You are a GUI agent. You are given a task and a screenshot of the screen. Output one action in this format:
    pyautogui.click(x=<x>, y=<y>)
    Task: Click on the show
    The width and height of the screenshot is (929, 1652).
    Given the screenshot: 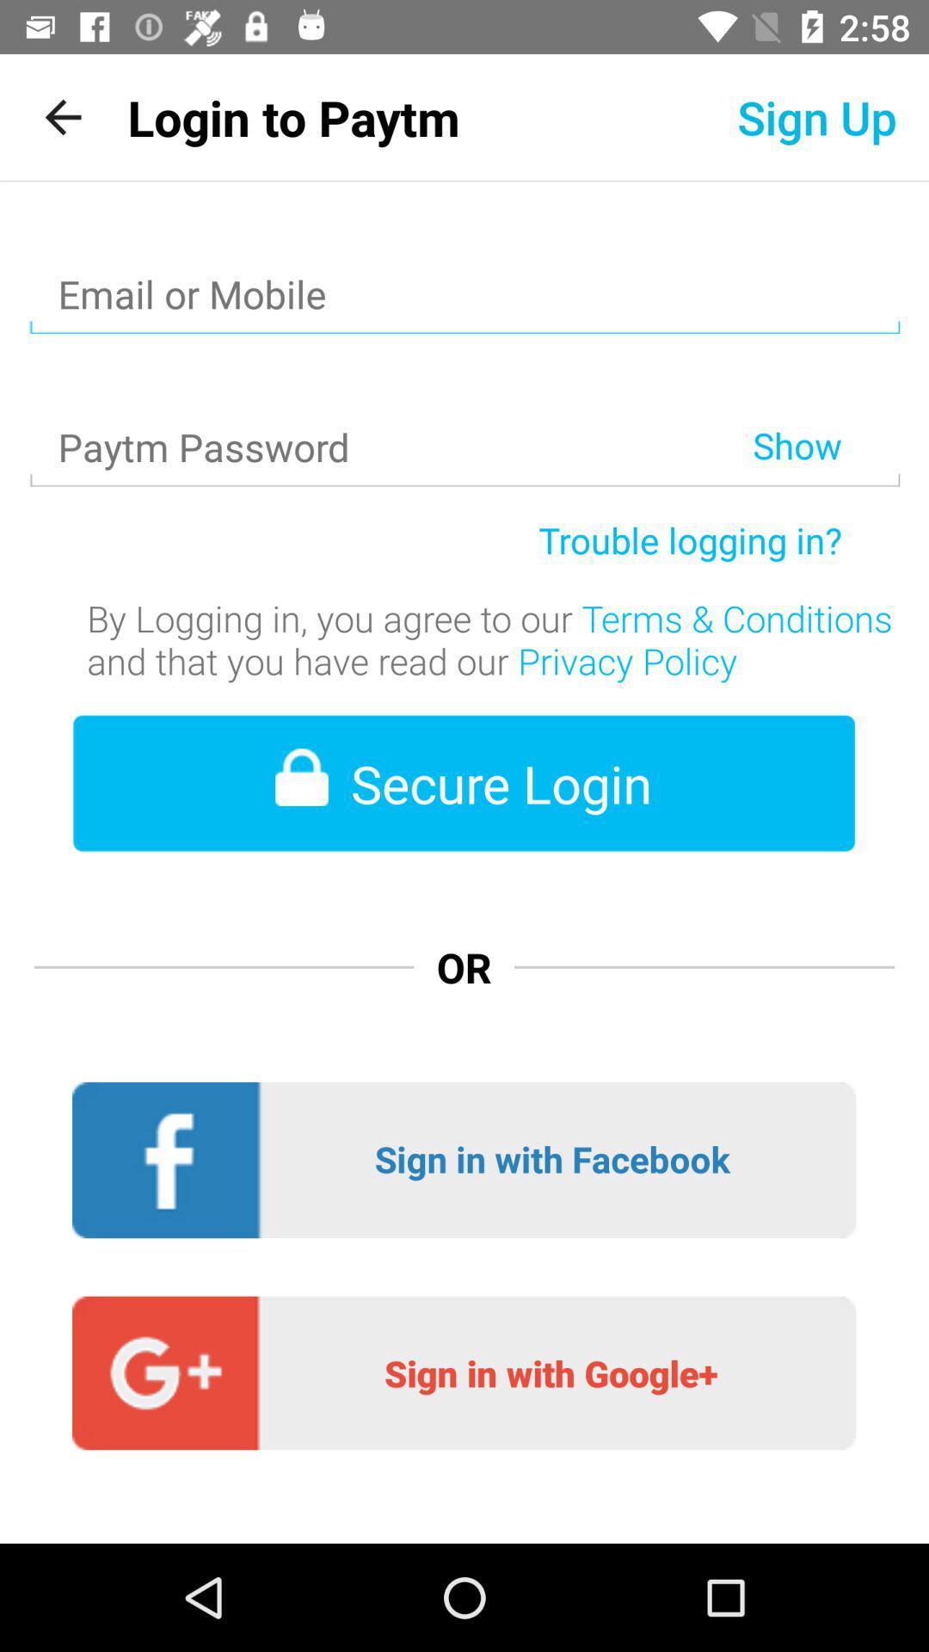 What is the action you would take?
    pyautogui.click(x=825, y=400)
    